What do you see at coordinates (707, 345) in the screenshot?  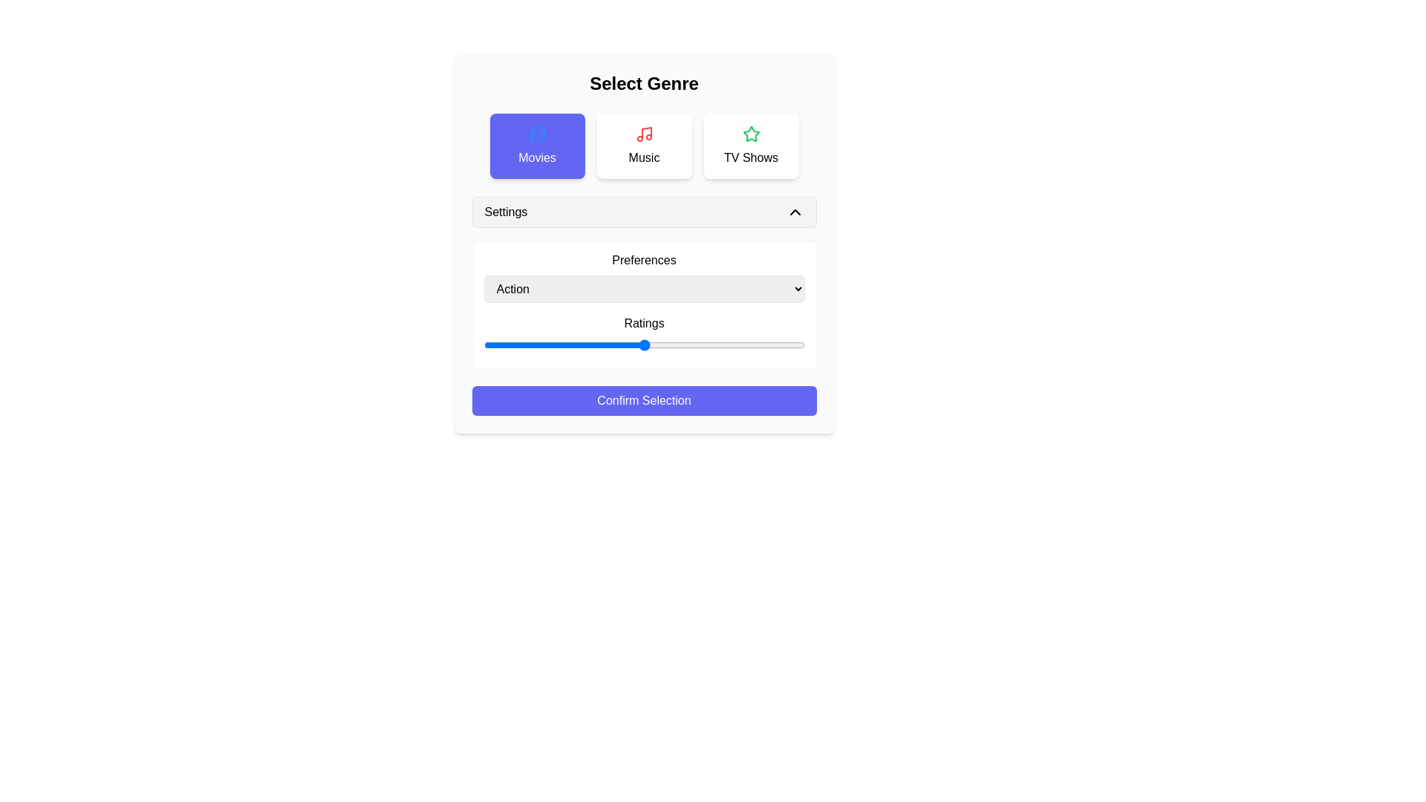 I see `the rating value` at bounding box center [707, 345].